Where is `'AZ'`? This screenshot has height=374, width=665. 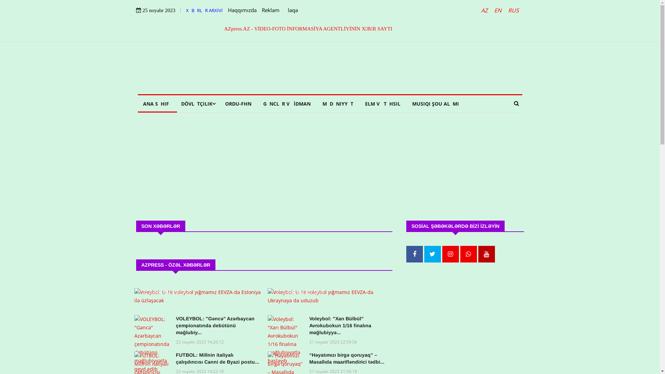 'AZ' is located at coordinates (484, 10).